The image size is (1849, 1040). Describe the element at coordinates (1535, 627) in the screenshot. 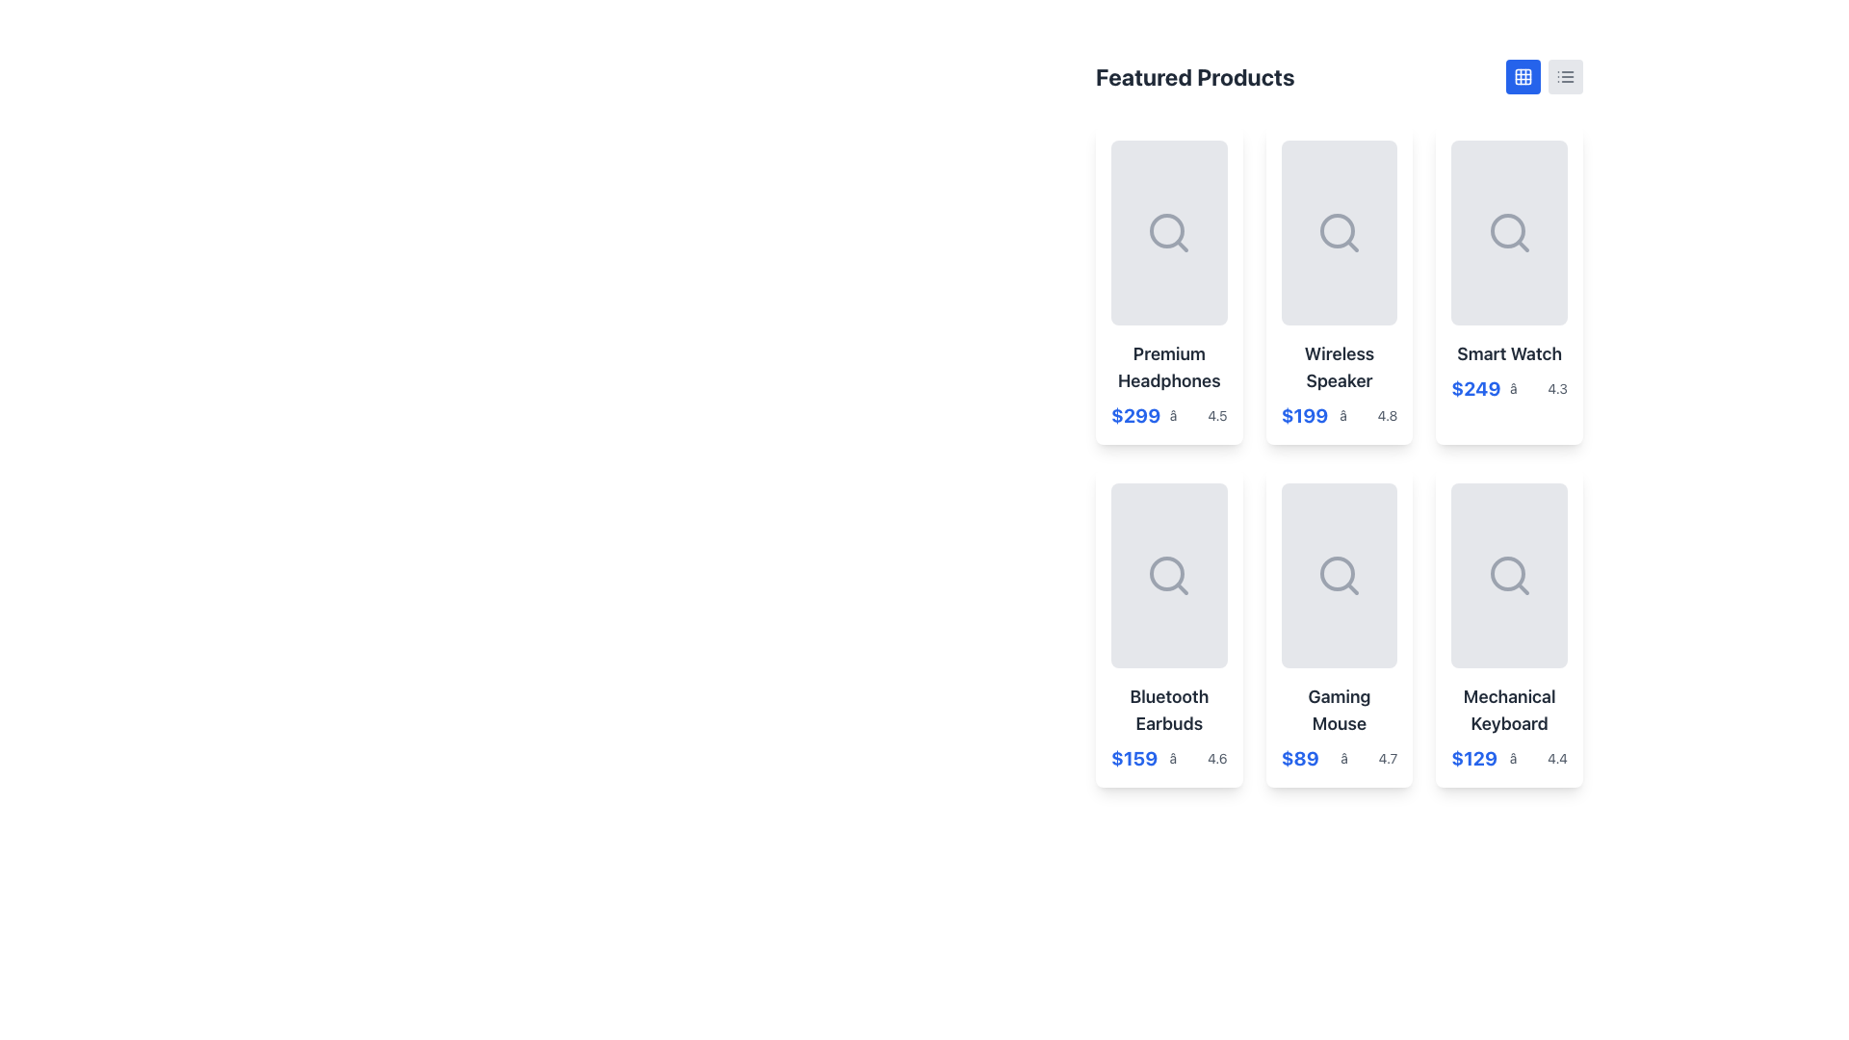

I see `the IconButton located in the top-right of the 'Mechanical Keyboard' card to mark the associated product as a favorite` at that location.